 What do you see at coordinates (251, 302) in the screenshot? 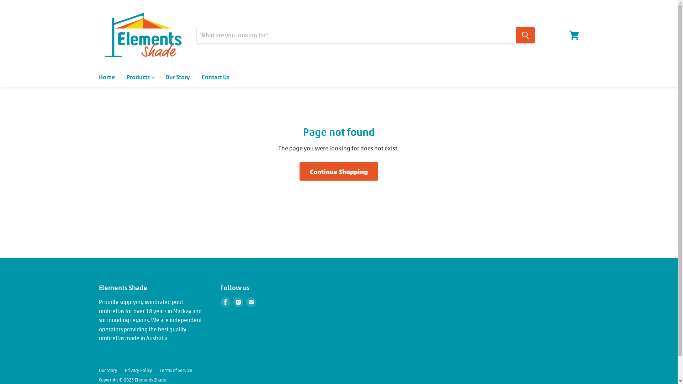
I see `'Find us on E-mail'` at bounding box center [251, 302].